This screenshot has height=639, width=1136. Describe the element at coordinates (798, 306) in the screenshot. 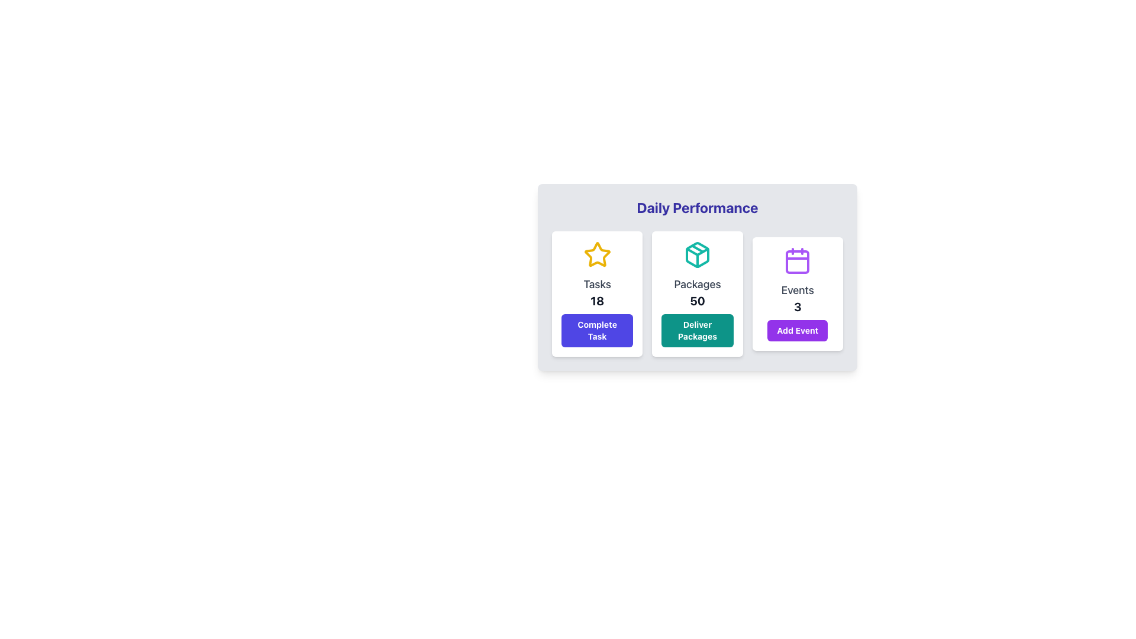

I see `the bold numeral '3' located in the 'Events' section of the performance dashboard, positioned below the section header and above the 'Add Event' button` at that location.